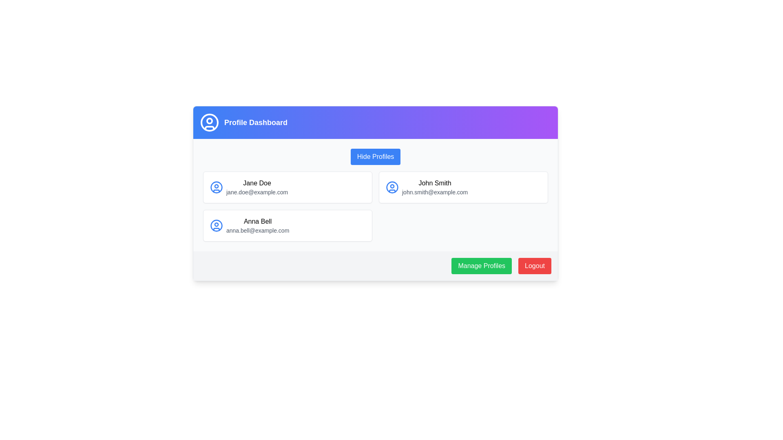 The height and width of the screenshot is (440, 783). What do you see at coordinates (288, 226) in the screenshot?
I see `the Profile Card element that represents a user's profile information, located in the bottom-left corner of the grid, specifically the third profile beneath 'Jane Doe' and to the left of 'John Smith'` at bounding box center [288, 226].